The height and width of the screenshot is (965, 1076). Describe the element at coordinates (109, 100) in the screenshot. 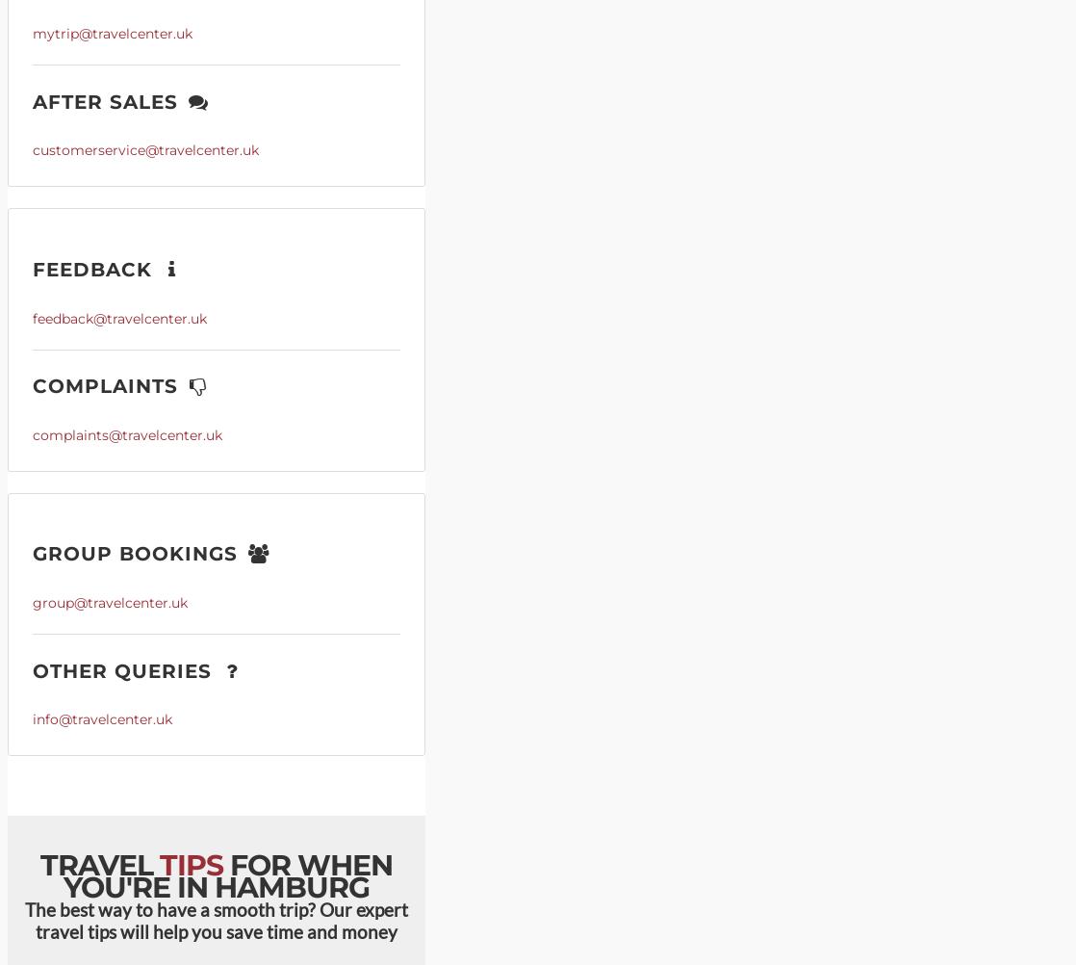

I see `'After Sales'` at that location.